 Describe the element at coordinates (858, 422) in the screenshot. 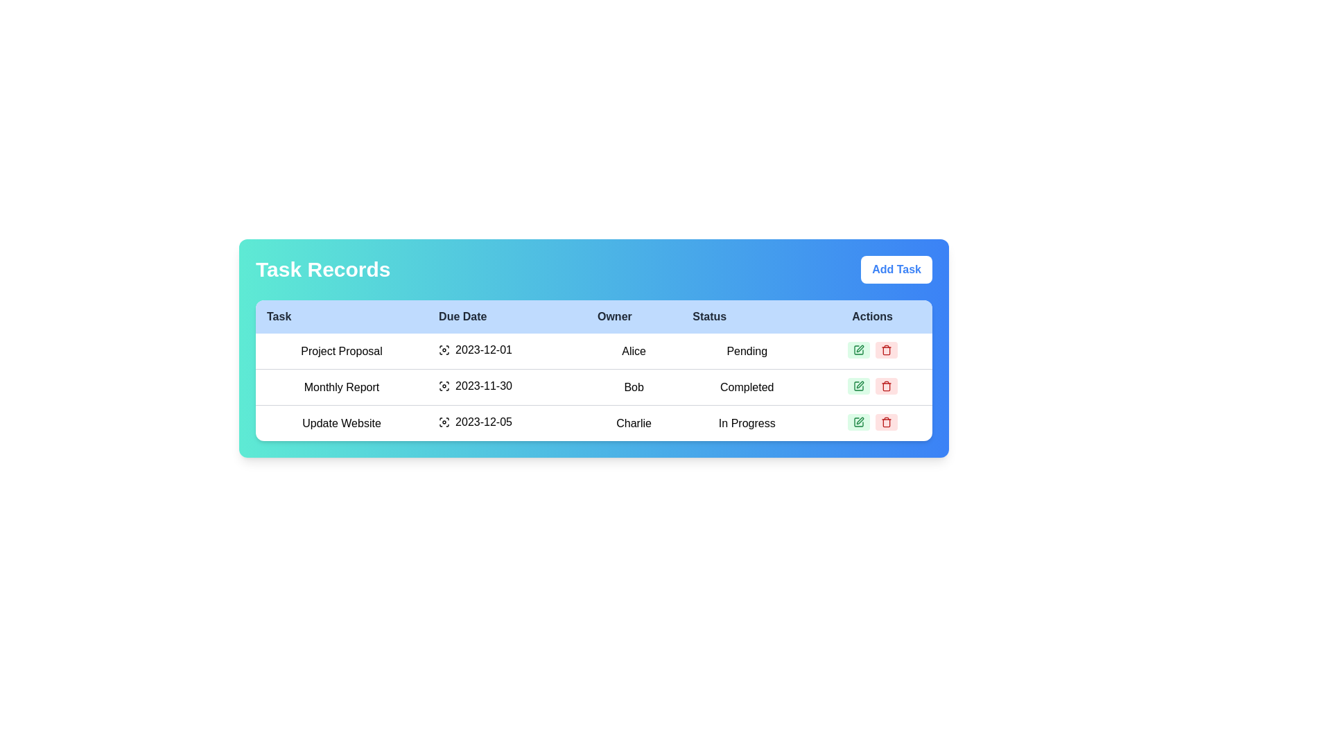

I see `the edit button with a green background and a white pen icon located under the 'Actions' column in the third row of the table` at that location.